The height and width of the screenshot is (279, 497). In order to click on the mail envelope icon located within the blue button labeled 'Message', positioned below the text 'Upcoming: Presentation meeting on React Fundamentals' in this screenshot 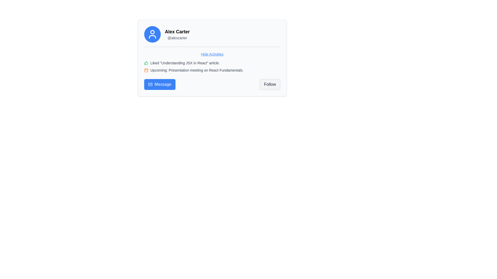, I will do `click(150, 84)`.